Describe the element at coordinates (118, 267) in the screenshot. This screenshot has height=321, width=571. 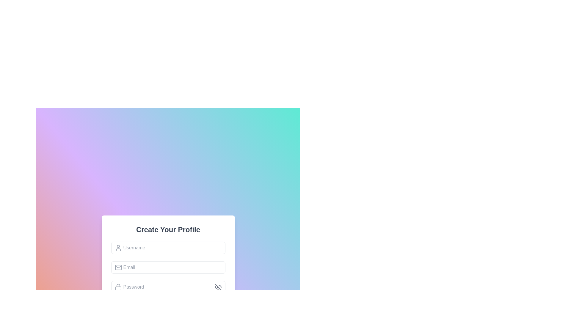
I see `the email icon, which is a line-drawn envelope shape with soft gray coloring, positioned at the left edge of the email input field` at that location.